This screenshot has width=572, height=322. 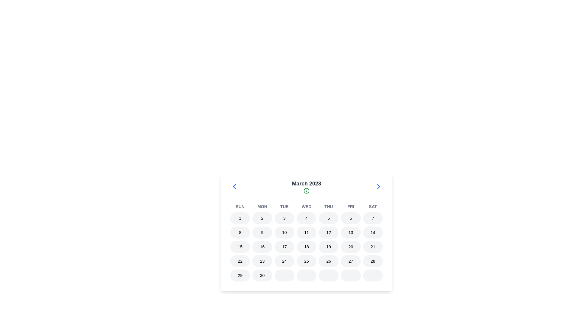 I want to click on the static text label 'MON' which is the second element in the week header of the calendar interface, so click(x=262, y=206).